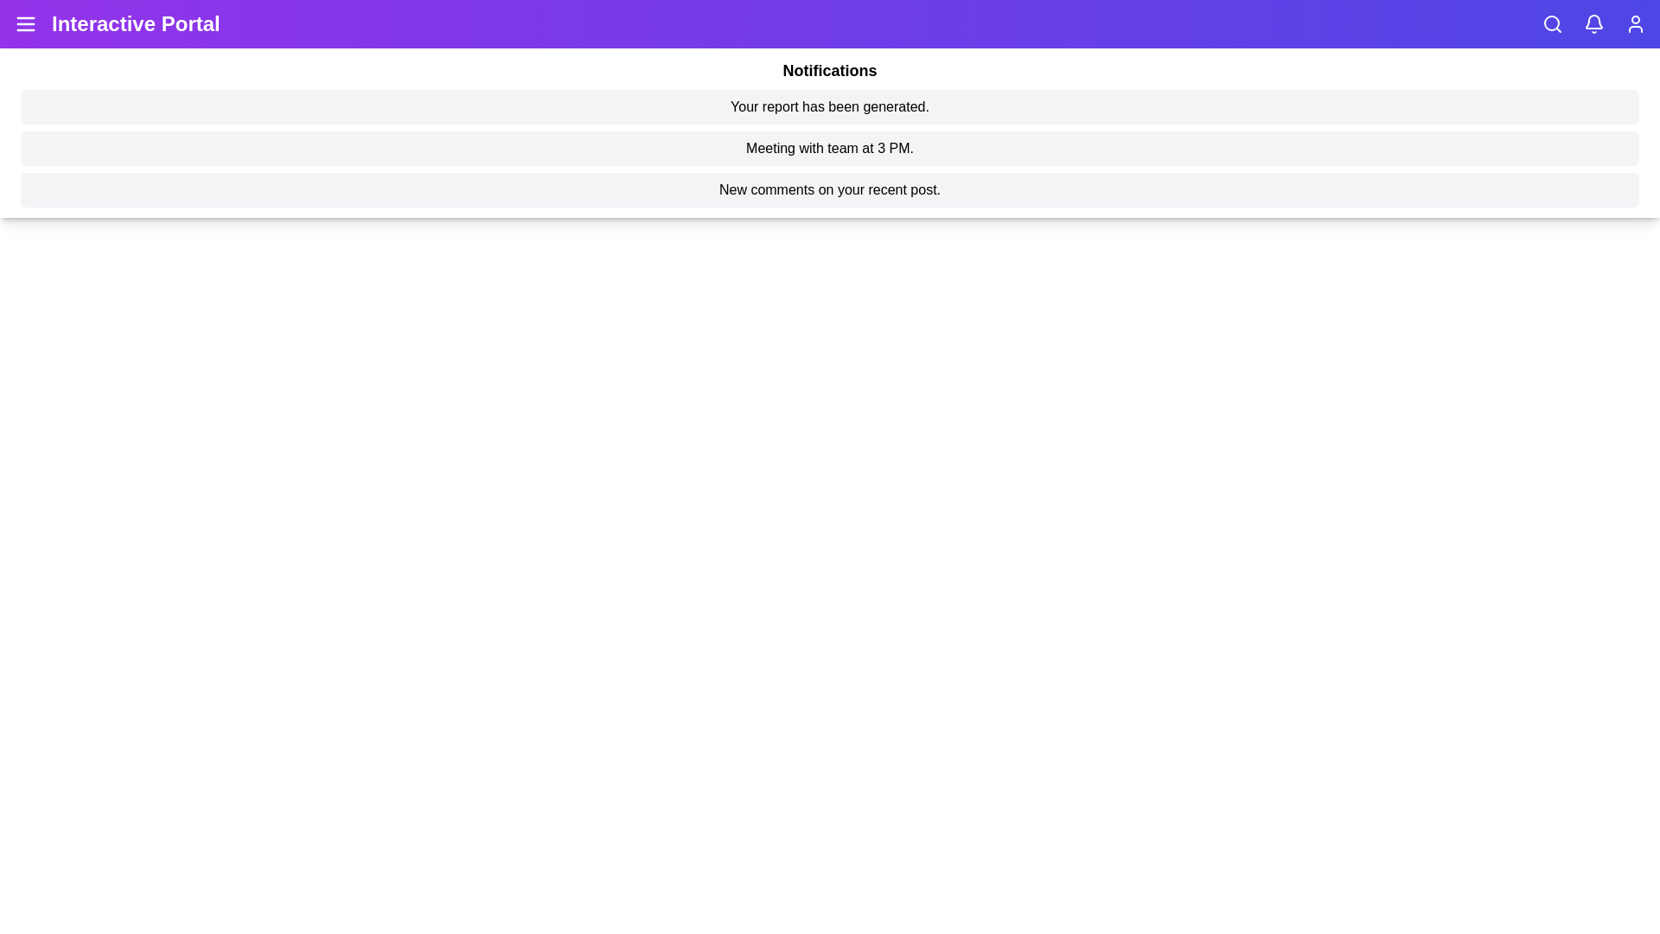  I want to click on the search icon to activate the search functionality, so click(1552, 23).